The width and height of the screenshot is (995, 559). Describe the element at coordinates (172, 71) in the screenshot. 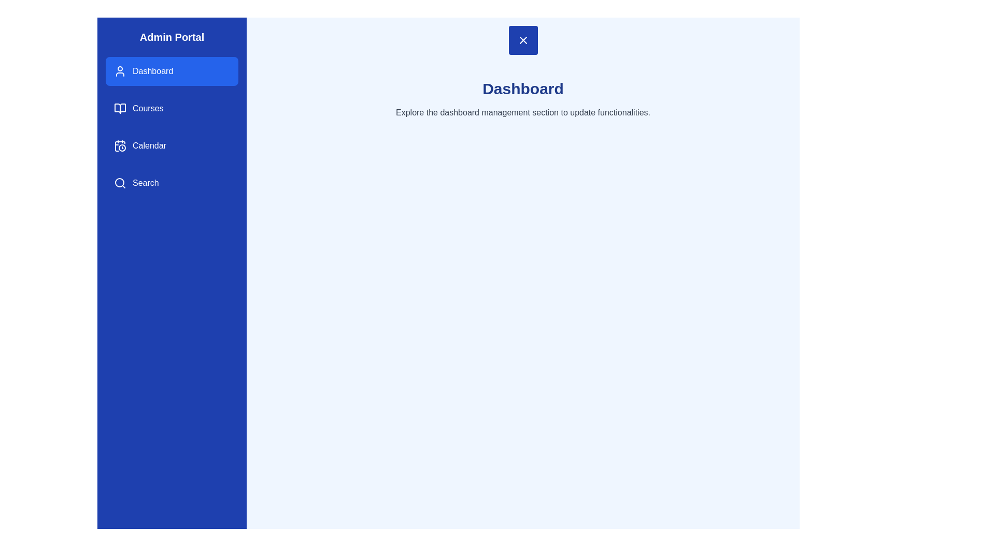

I see `the menu section Dashboard` at that location.